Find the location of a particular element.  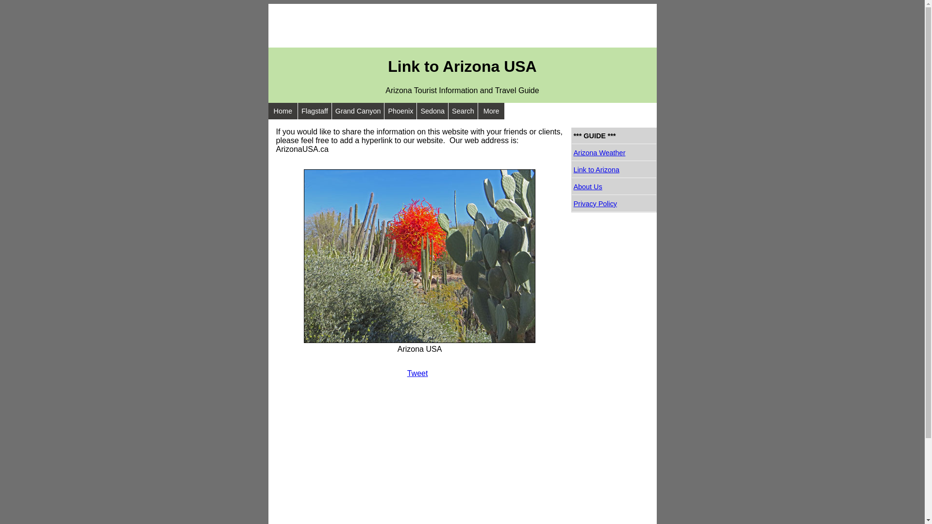

'Grand Canyon' is located at coordinates (358, 110).